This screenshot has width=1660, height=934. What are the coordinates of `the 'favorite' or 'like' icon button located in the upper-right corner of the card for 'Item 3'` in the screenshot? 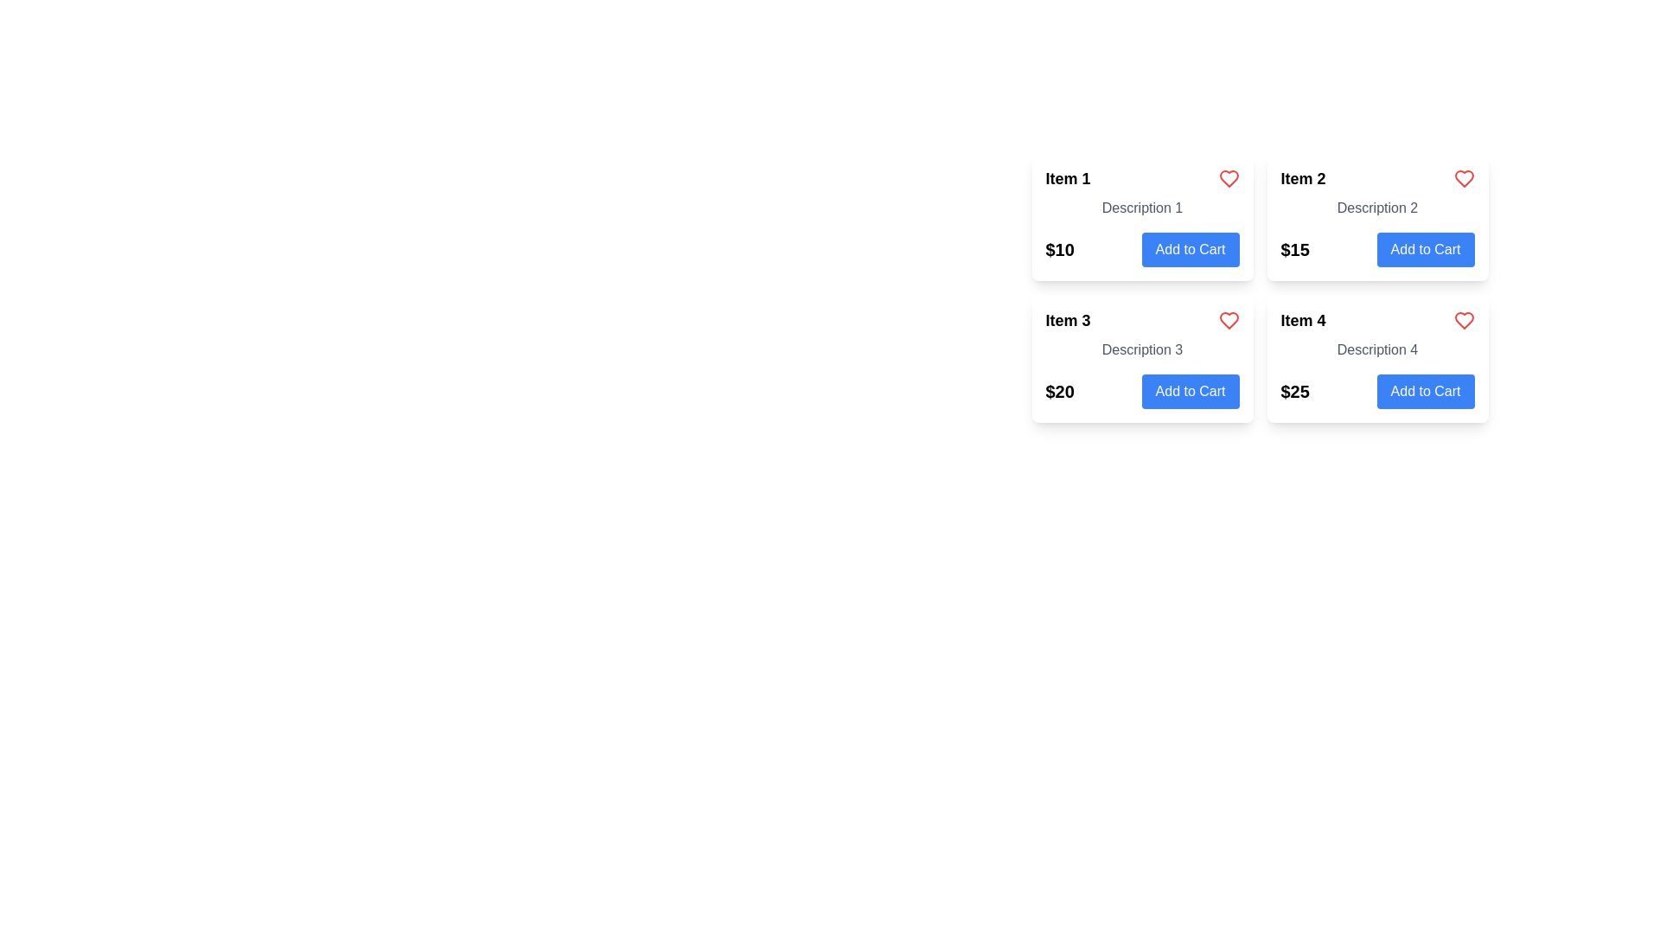 It's located at (1228, 320).